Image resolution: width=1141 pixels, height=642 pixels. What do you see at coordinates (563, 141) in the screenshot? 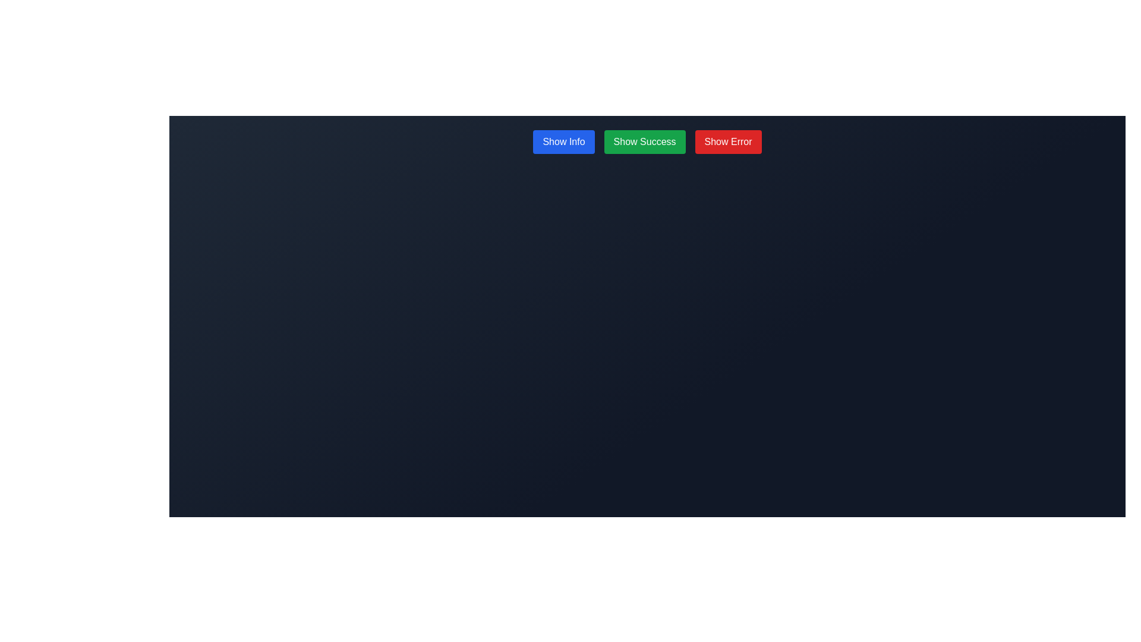
I see `the blue button labeled 'Show Info'` at bounding box center [563, 141].